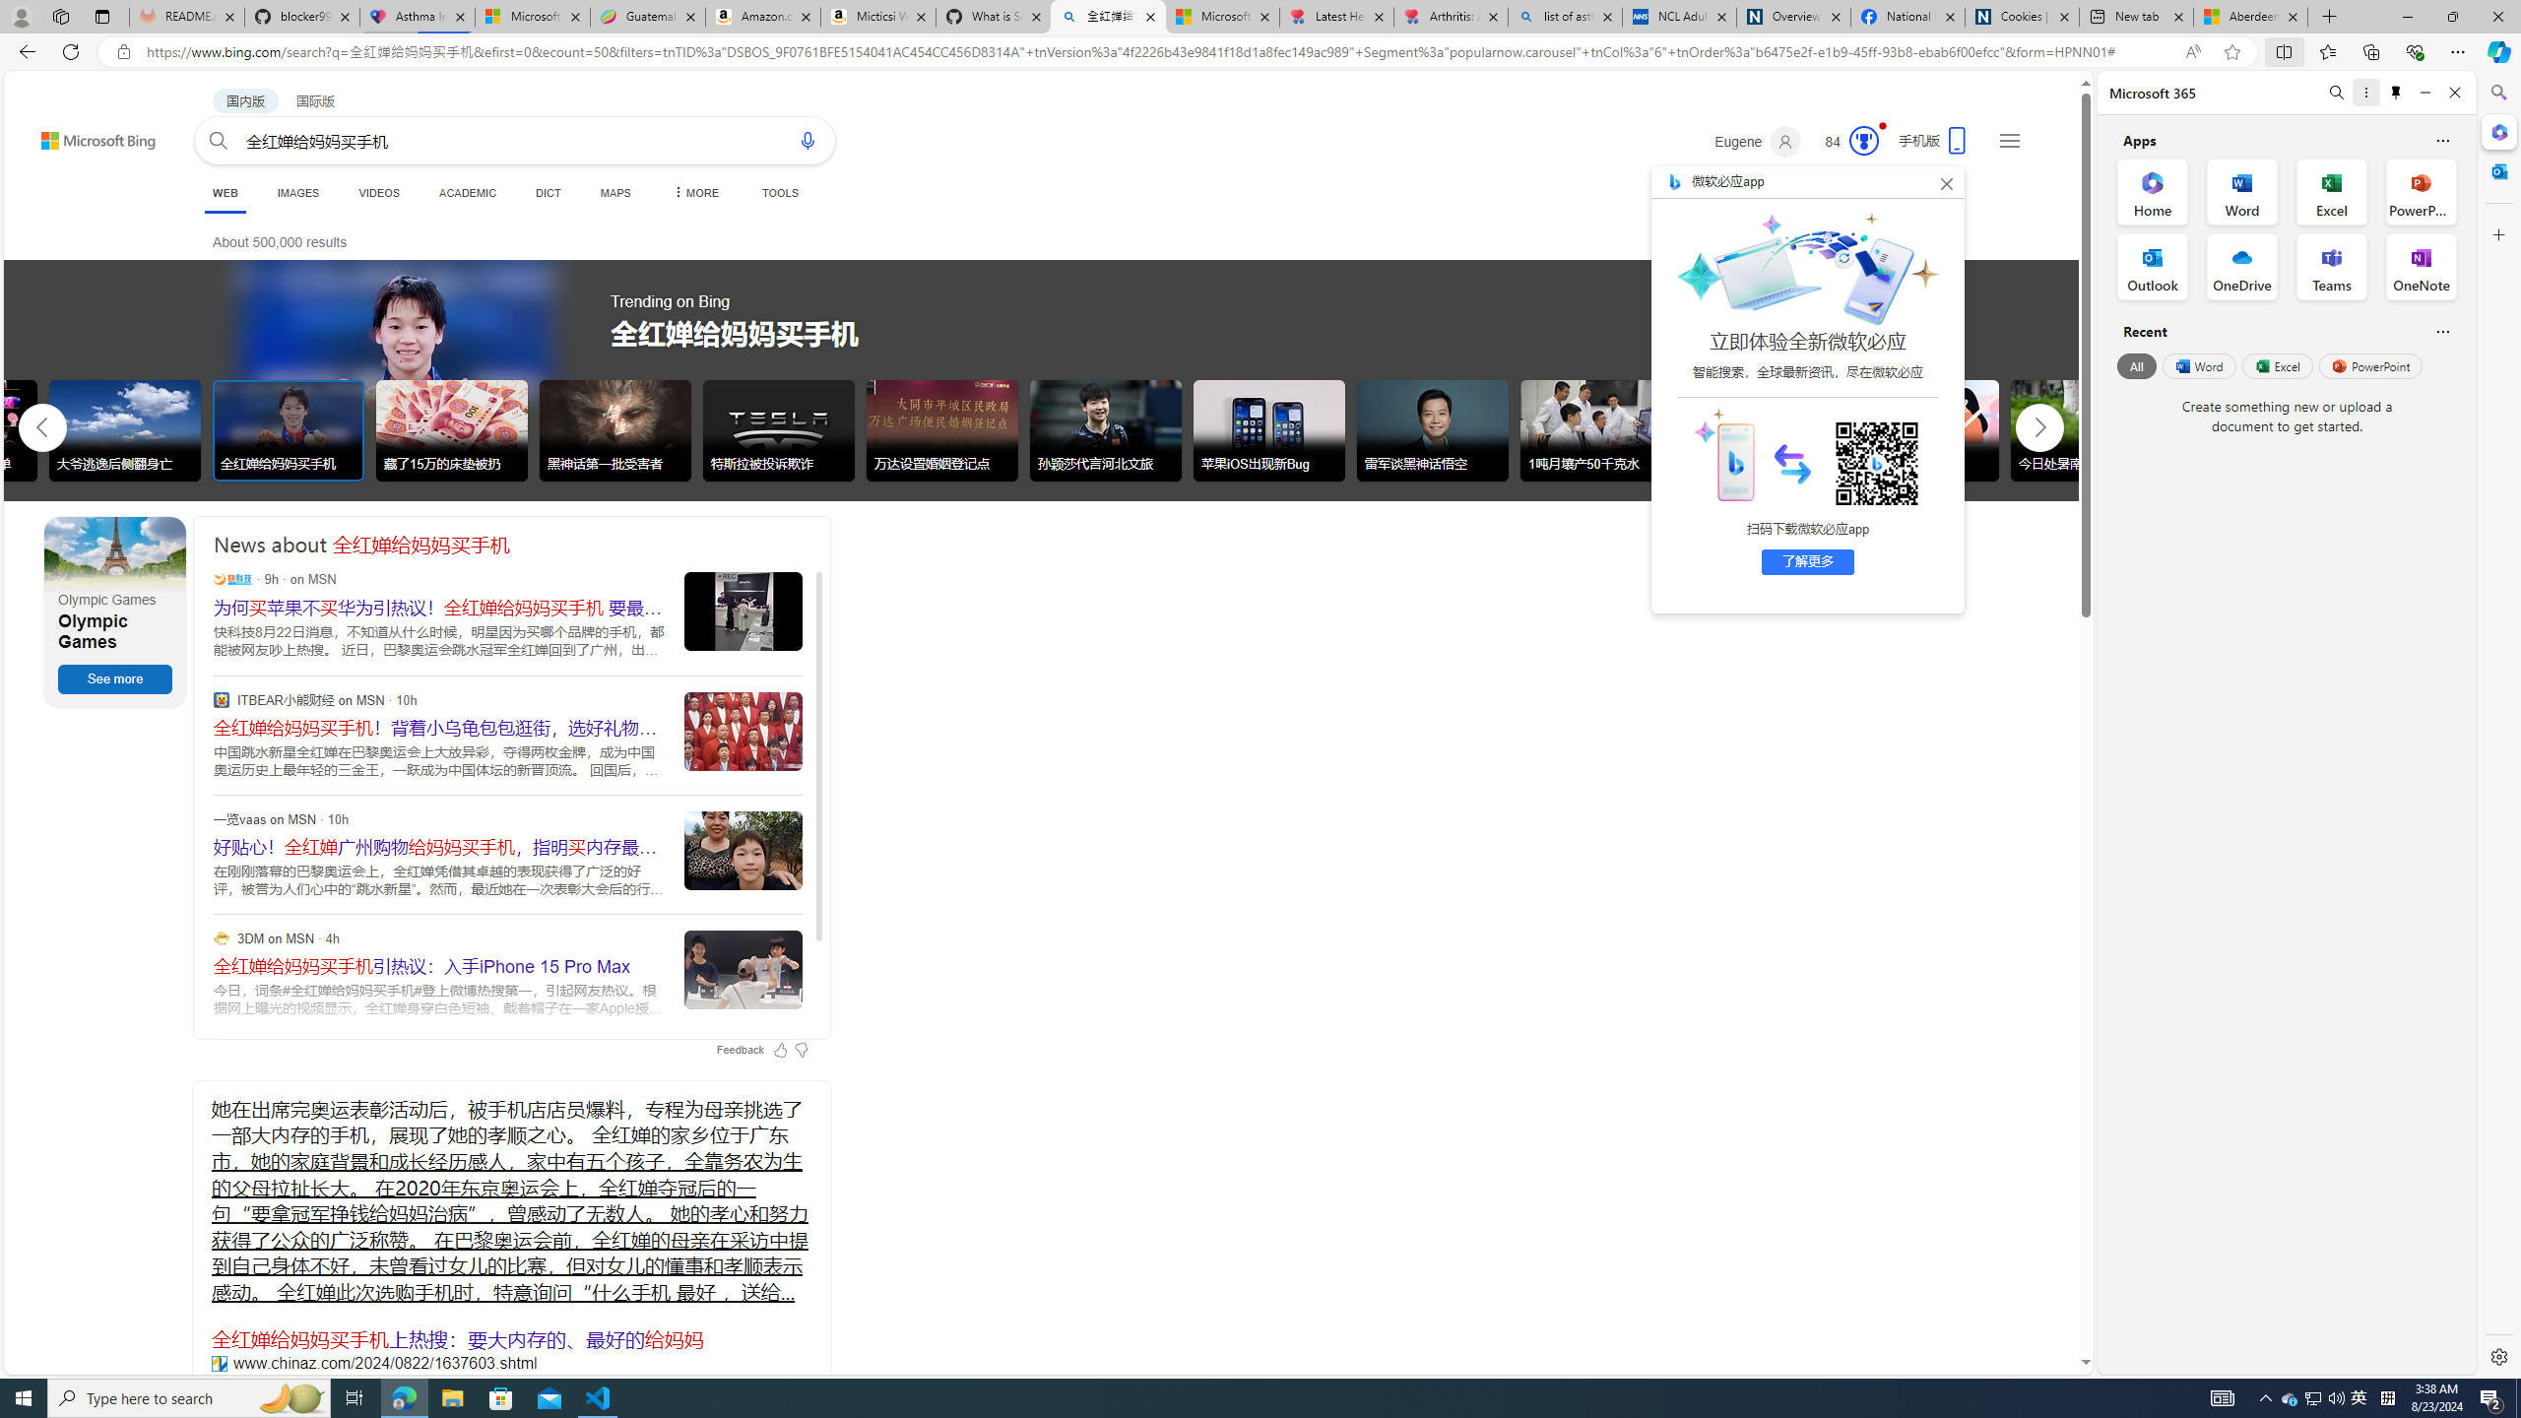 This screenshot has width=2521, height=1418. Describe the element at coordinates (2038, 426) in the screenshot. I see `'AutomationID: tob_right_arrow'` at that location.